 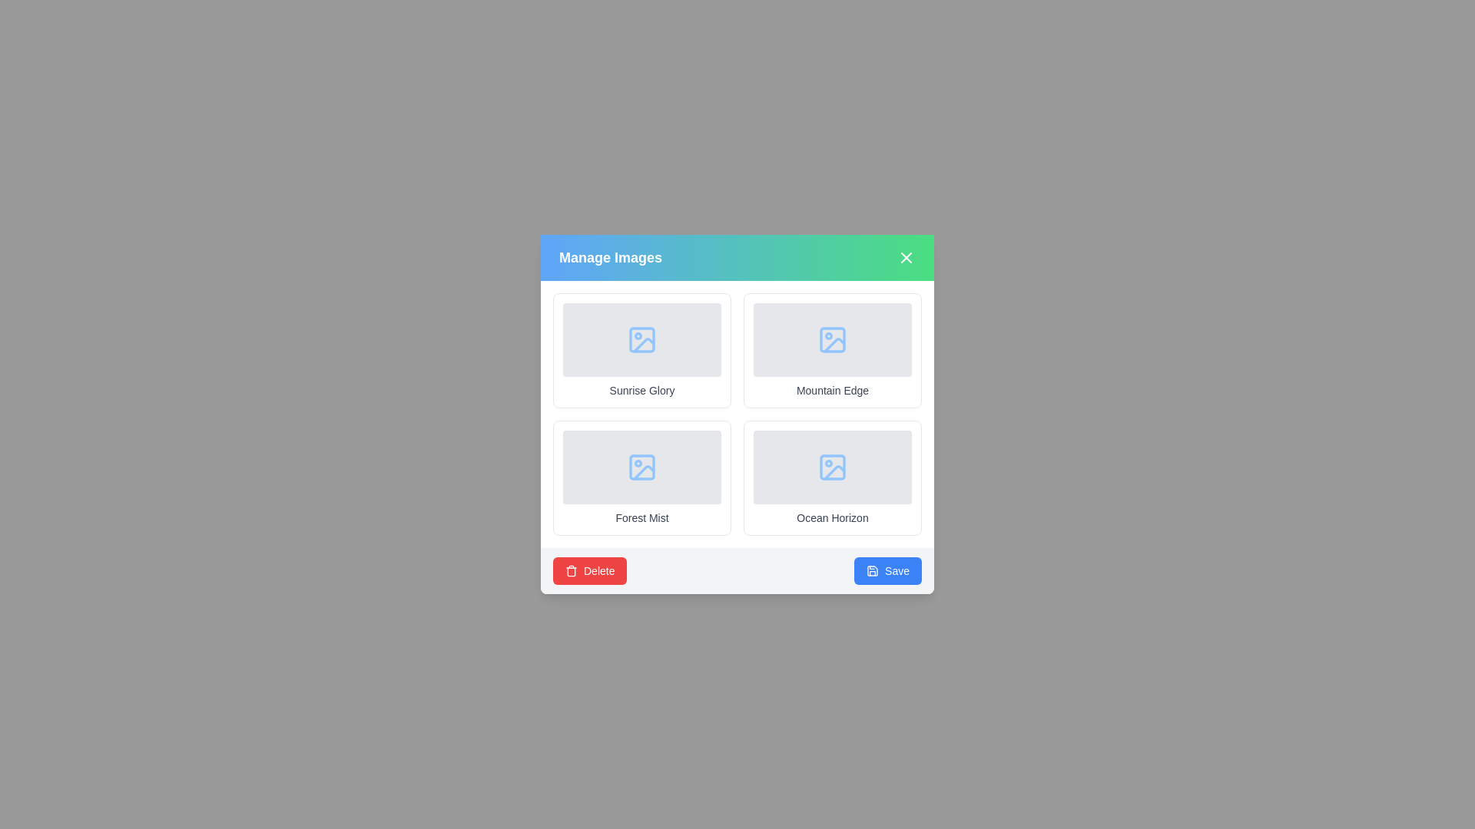 What do you see at coordinates (907, 256) in the screenshot?
I see `the close button located at the top-right corner of the 'Manage Images' modal` at bounding box center [907, 256].